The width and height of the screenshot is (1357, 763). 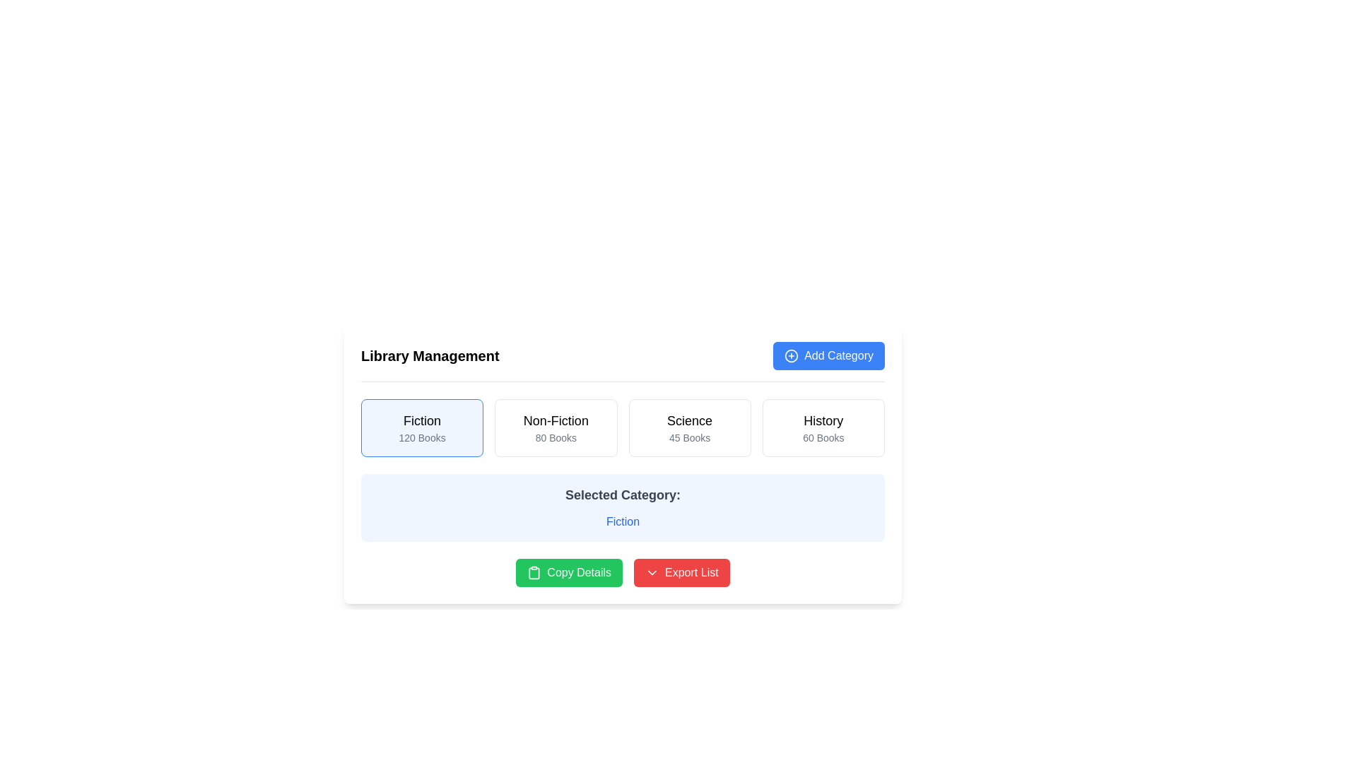 What do you see at coordinates (555, 420) in the screenshot?
I see `the text label displaying 'Non-Fiction', which is located within a card-like structure in the Library Management interface` at bounding box center [555, 420].